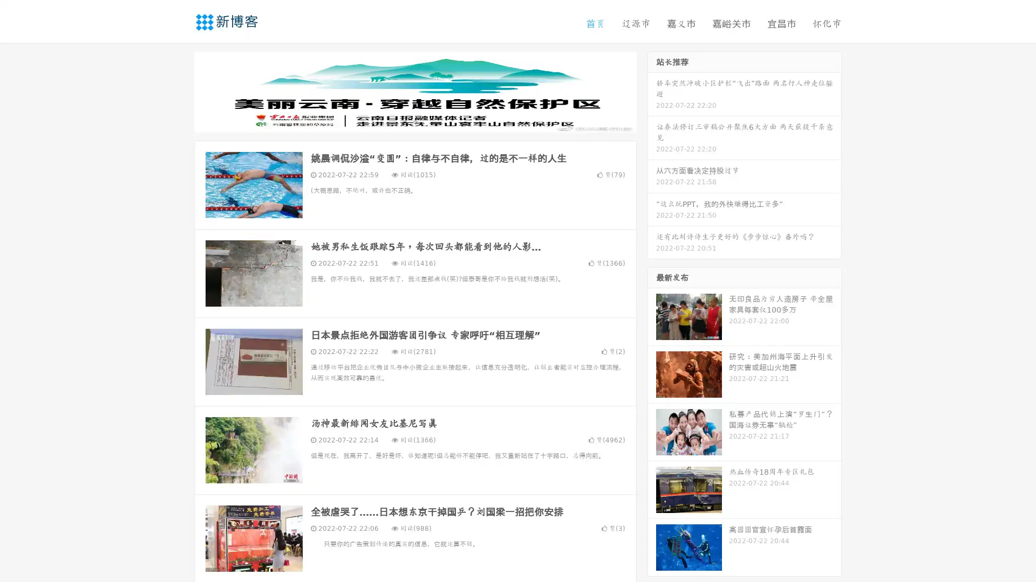 The image size is (1036, 582). I want to click on Next slide, so click(652, 91).